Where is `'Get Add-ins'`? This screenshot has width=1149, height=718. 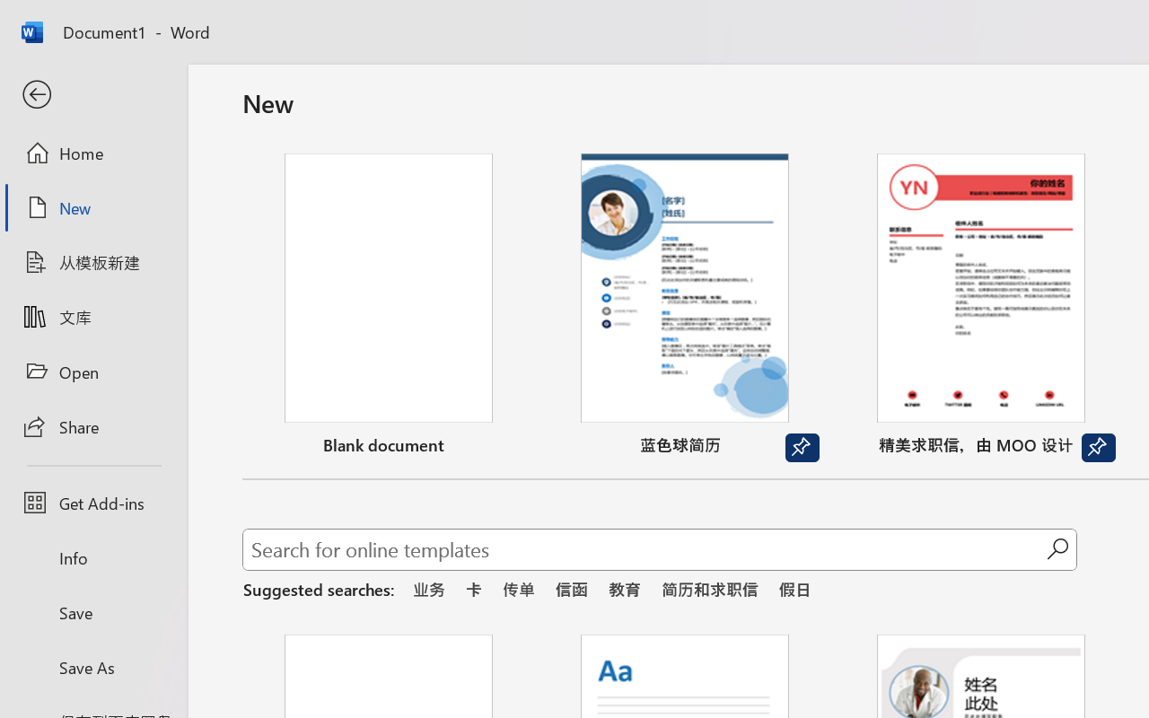
'Get Add-ins' is located at coordinates (92, 503).